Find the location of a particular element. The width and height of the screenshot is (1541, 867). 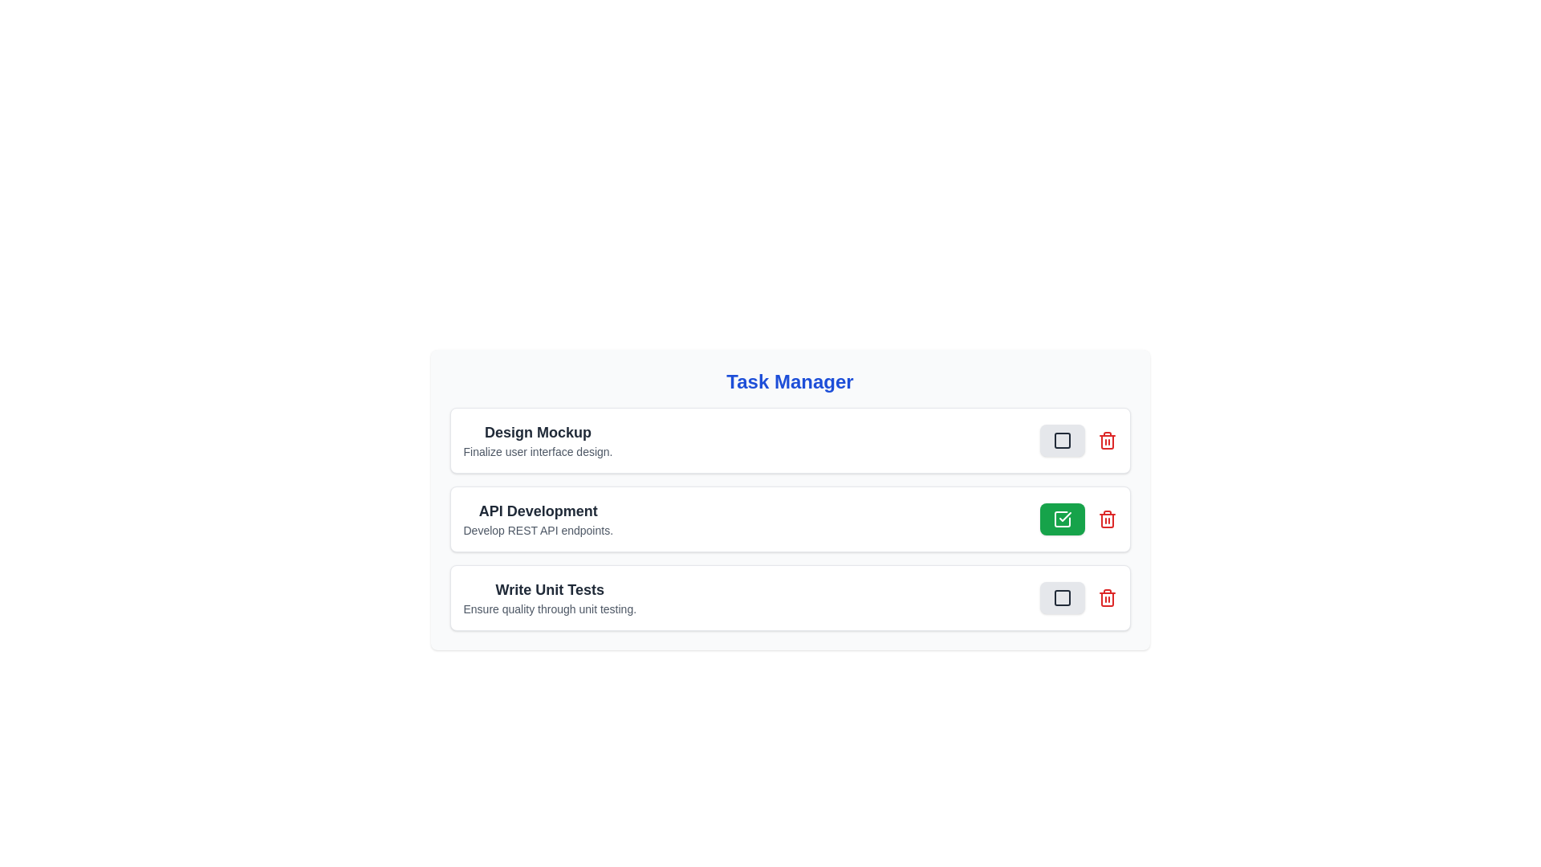

text content of the task entry component, which is the second item in a vertical list of tasks in the task manager interface is located at coordinates (538, 519).